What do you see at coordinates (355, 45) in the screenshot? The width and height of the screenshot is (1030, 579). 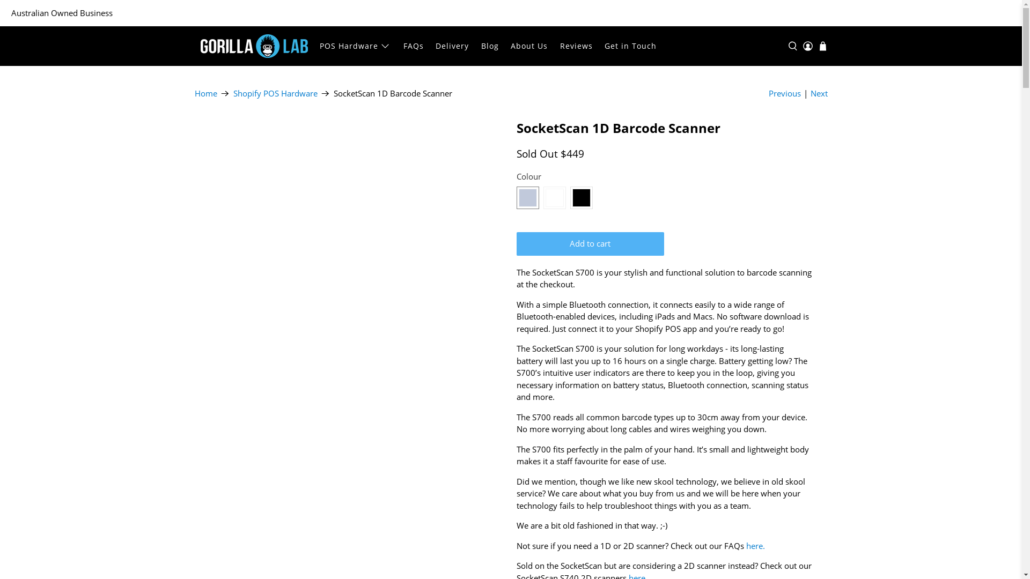 I see `'POS Hardware'` at bounding box center [355, 45].